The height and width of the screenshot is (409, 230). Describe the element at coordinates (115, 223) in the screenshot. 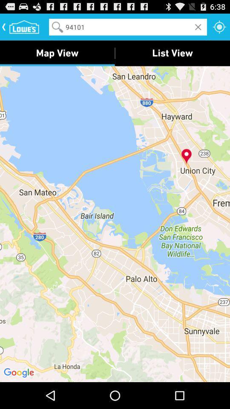

I see `item below map view icon` at that location.